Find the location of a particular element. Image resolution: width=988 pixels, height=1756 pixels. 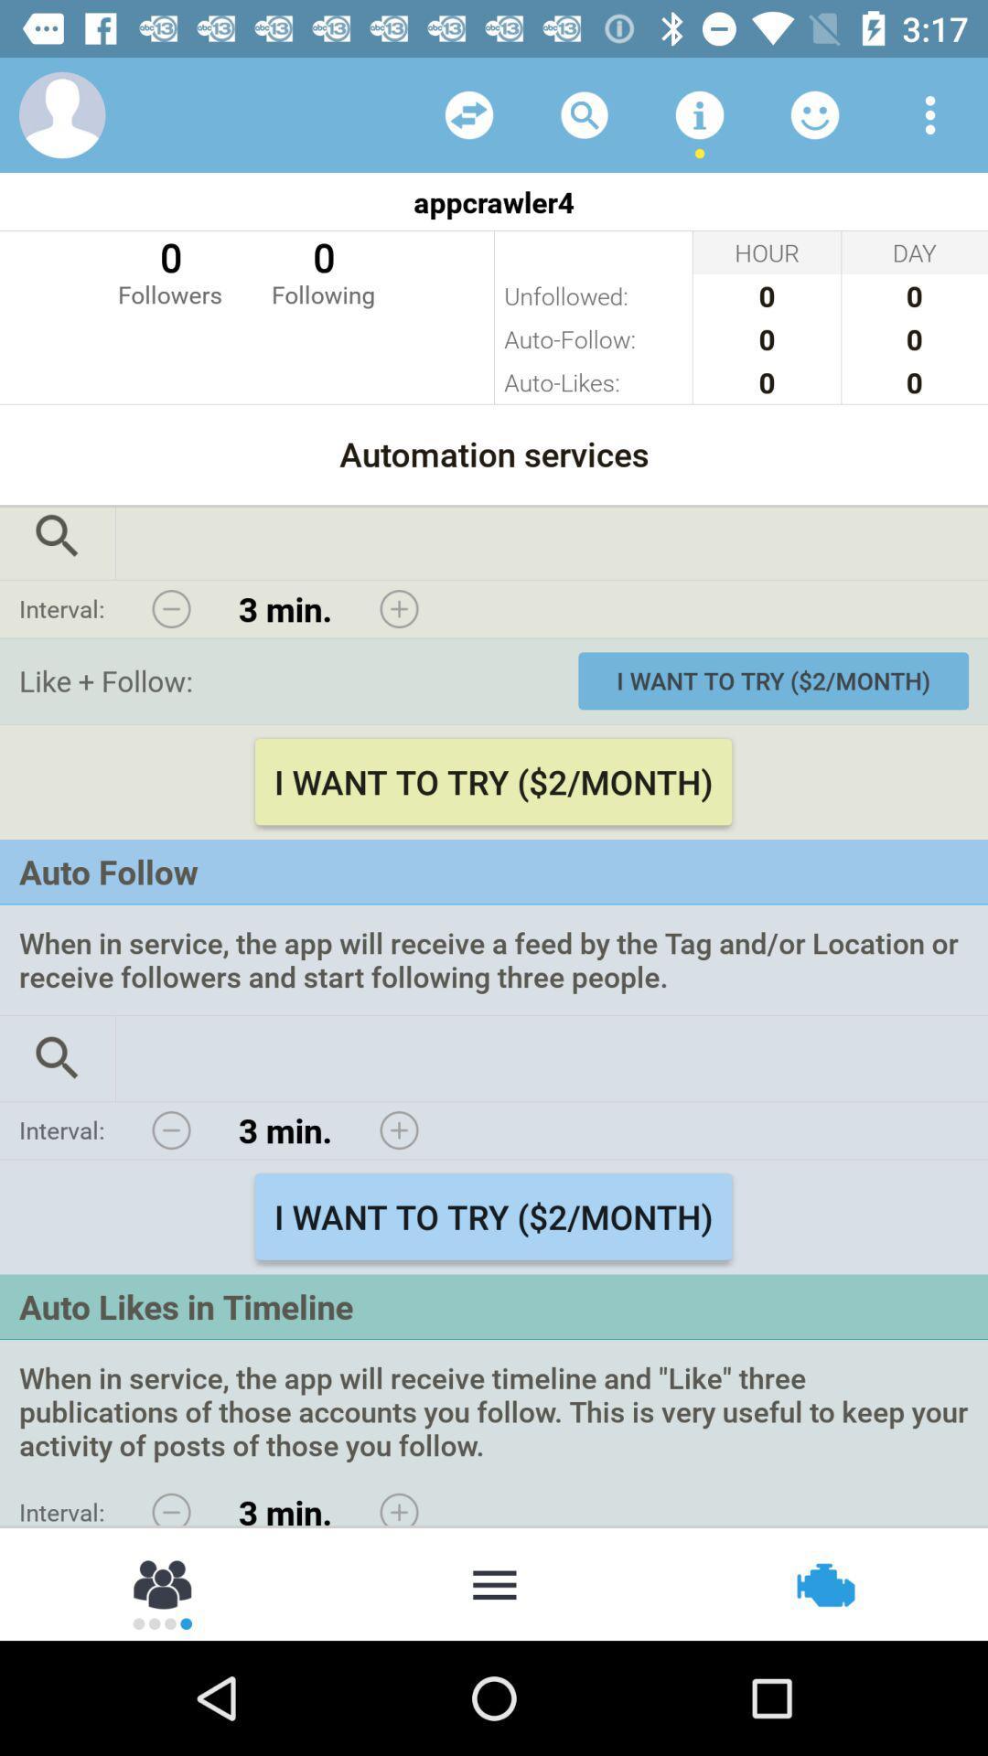

0 is located at coordinates (322, 270).